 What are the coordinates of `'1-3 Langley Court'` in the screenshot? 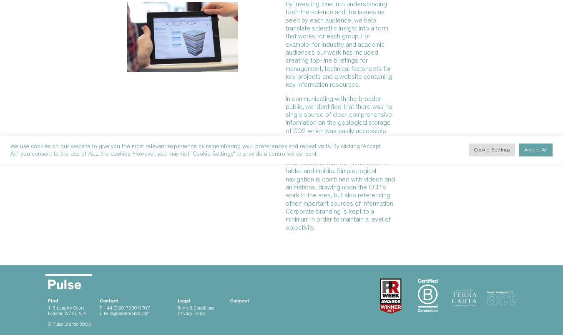 It's located at (48, 307).